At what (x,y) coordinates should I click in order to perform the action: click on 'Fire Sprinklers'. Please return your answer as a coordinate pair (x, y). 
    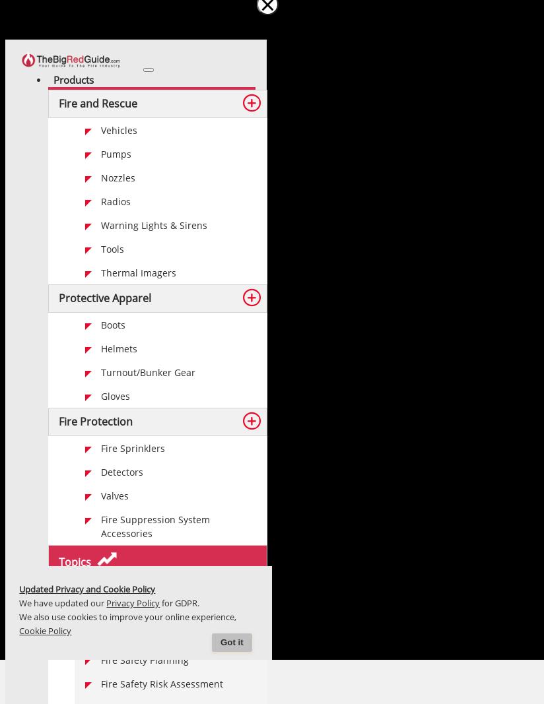
    Looking at the image, I should click on (133, 448).